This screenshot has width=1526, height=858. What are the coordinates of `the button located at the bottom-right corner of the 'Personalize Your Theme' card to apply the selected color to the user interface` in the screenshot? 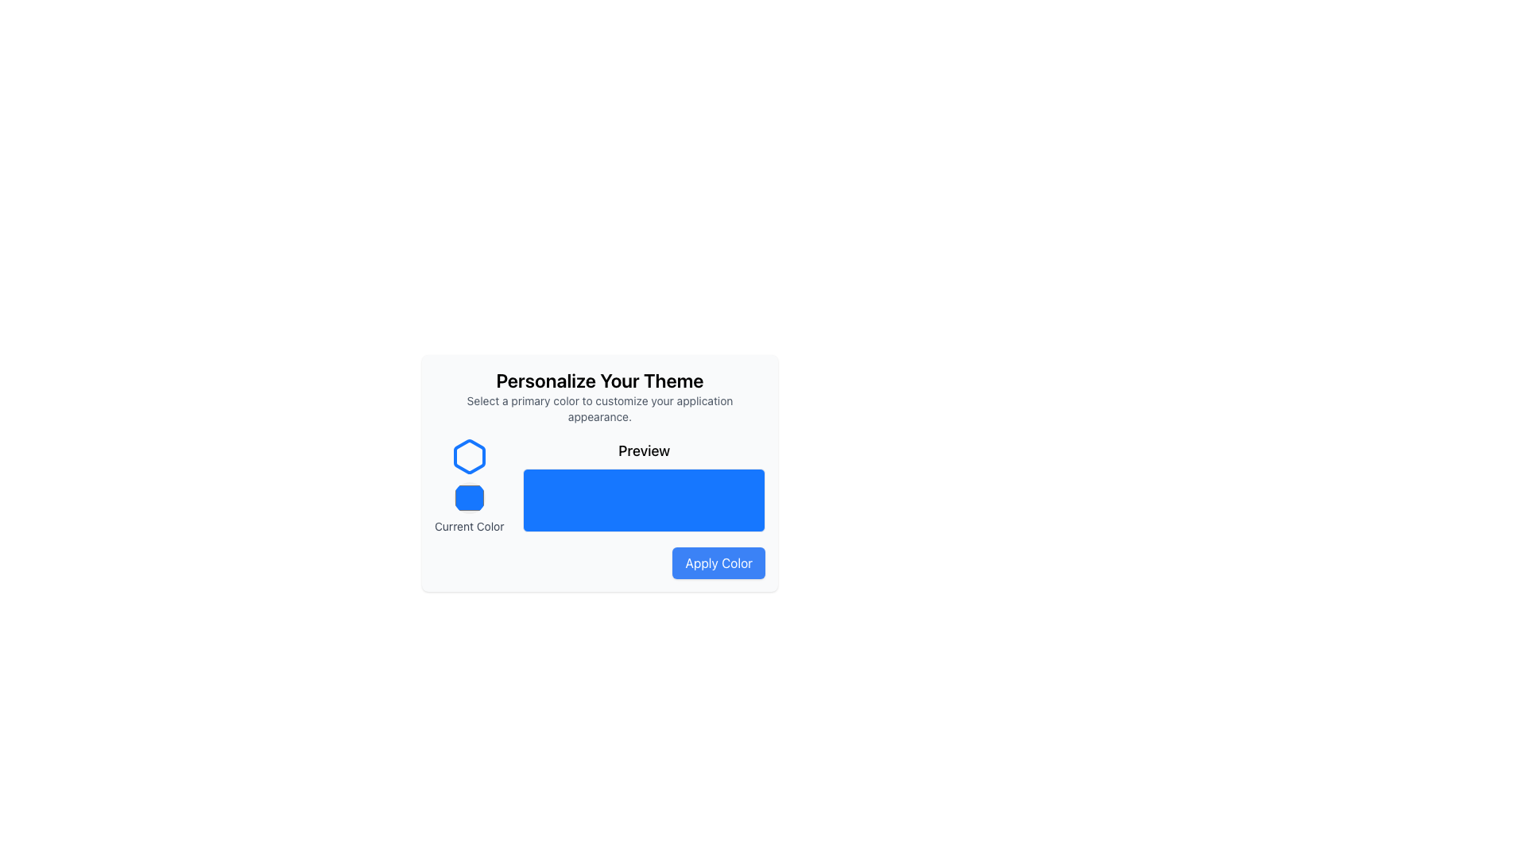 It's located at (598, 562).